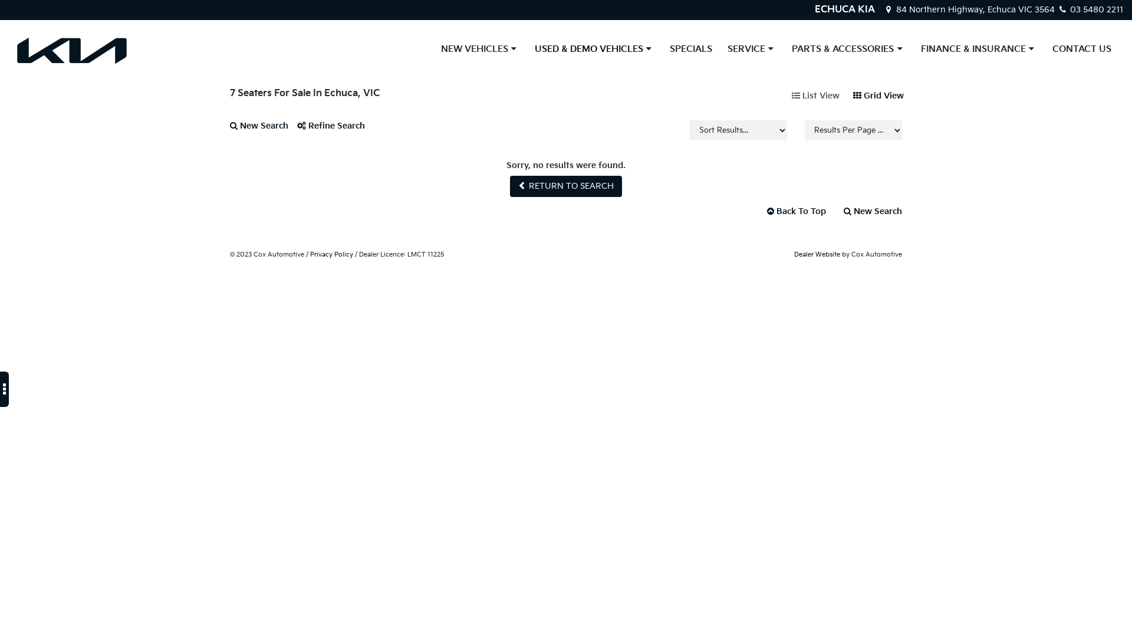 Image resolution: width=1132 pixels, height=637 pixels. Describe the element at coordinates (878, 95) in the screenshot. I see `'Grid View'` at that location.